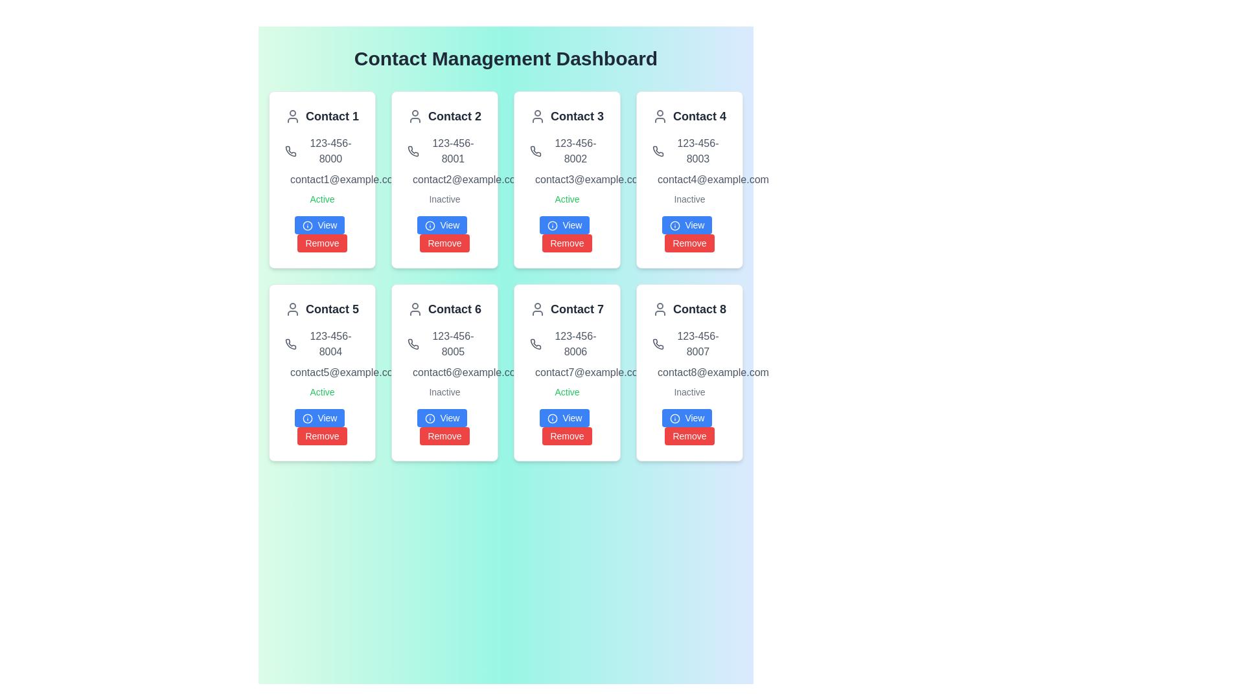  Describe the element at coordinates (538, 374) in the screenshot. I see `code of the SVG rectangle component representing the body of the envelope in the 'Contact 7' information card located to the left of the email address` at that location.